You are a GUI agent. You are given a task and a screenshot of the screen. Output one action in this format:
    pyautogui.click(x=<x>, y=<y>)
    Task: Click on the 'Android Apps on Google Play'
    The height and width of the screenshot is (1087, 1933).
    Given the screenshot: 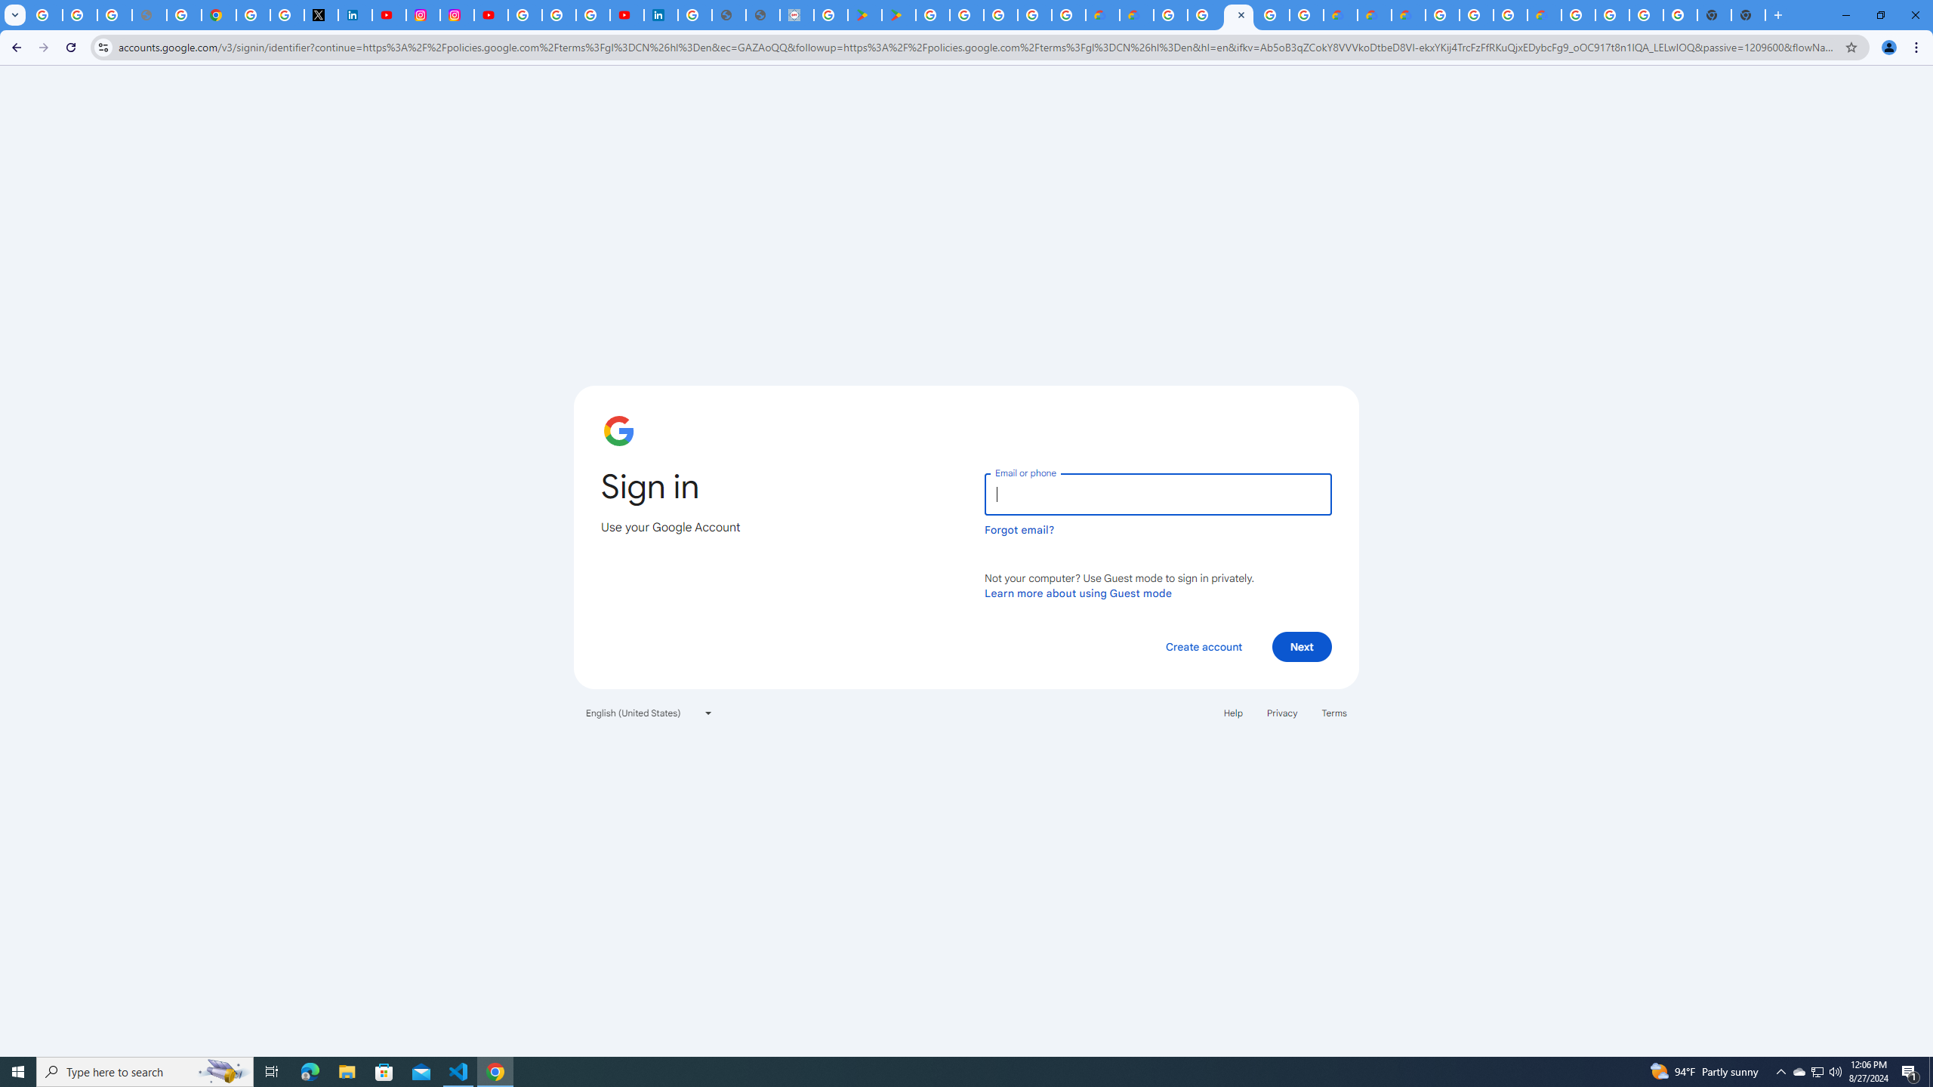 What is the action you would take?
    pyautogui.click(x=865, y=14)
    